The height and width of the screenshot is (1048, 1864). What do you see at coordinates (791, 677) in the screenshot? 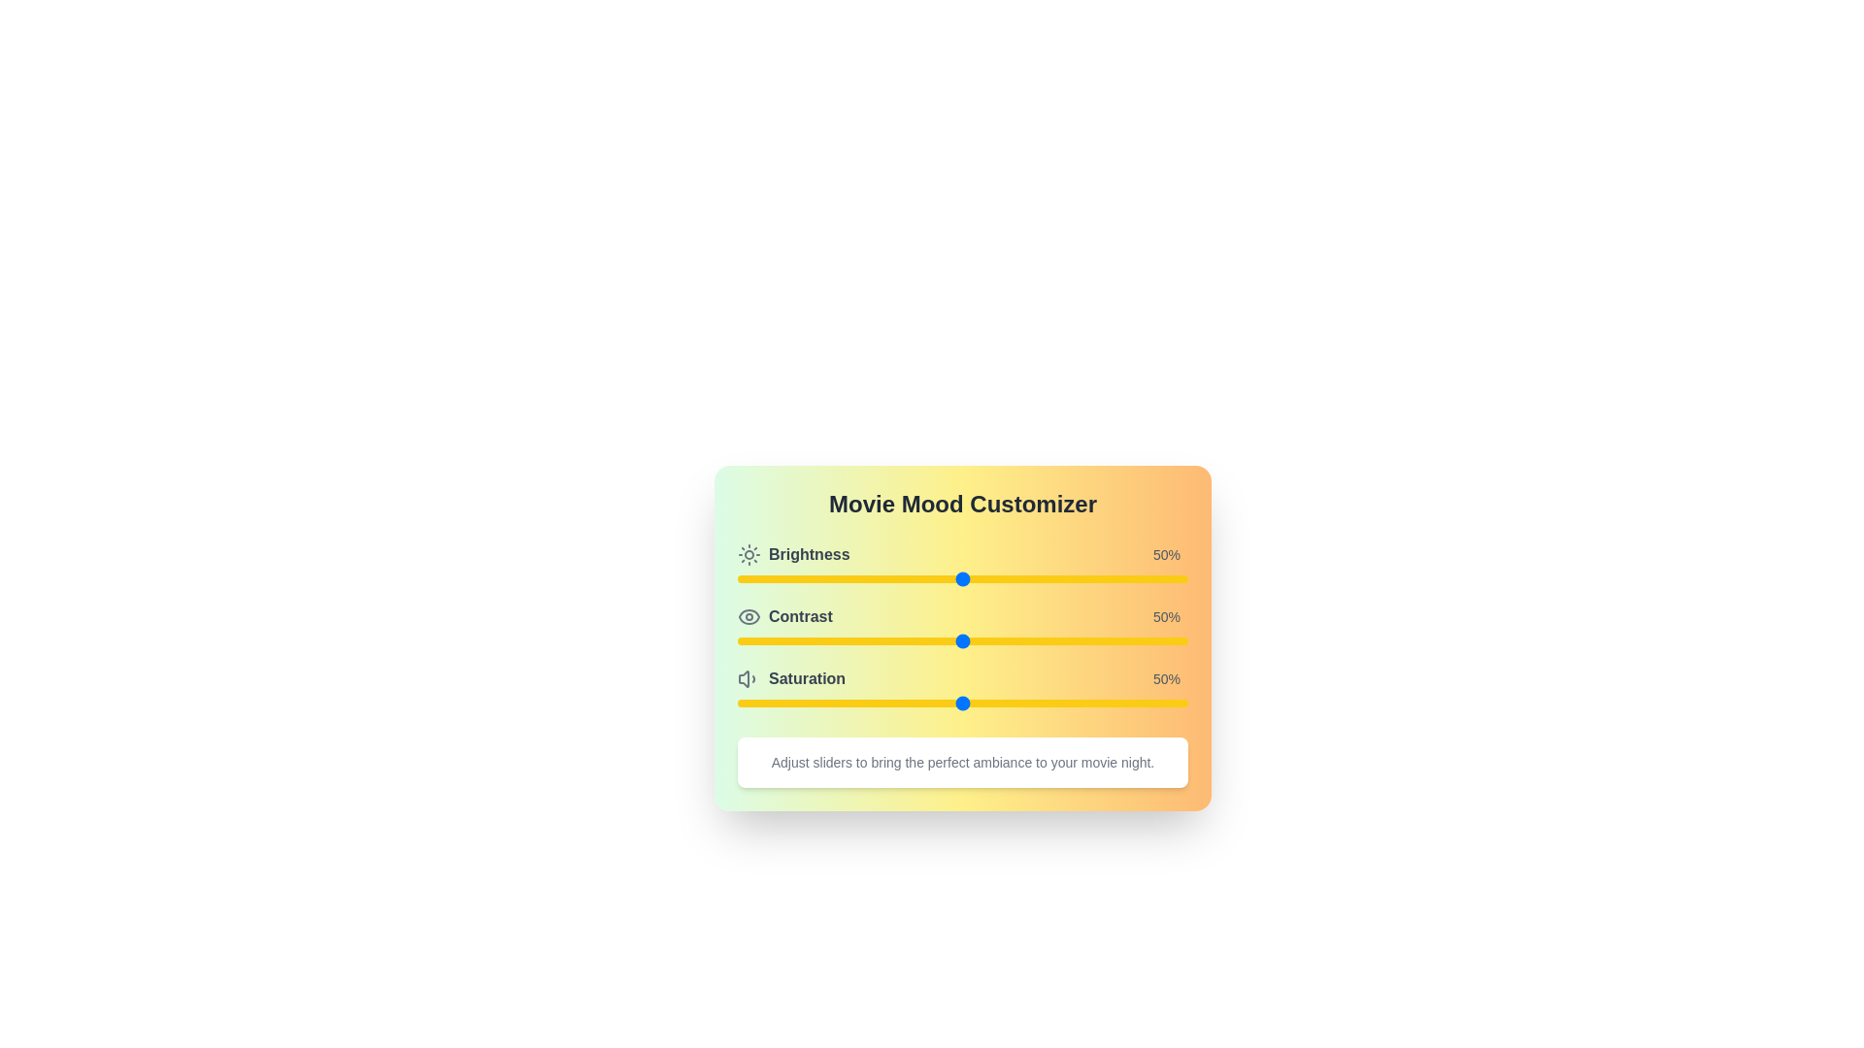
I see `the saturation label, which is the third item in a vertically stacked list of settings, slightly left of center and towards the bottom of the list` at bounding box center [791, 677].